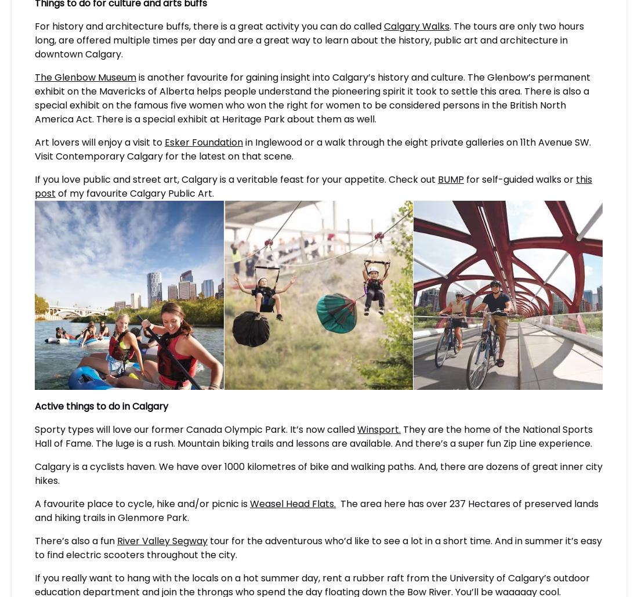 The image size is (638, 597). Describe the element at coordinates (317, 509) in the screenshot. I see `'The area here has over 237 Hectares of preserved lands and hiking trails in Glenmore Park.'` at that location.